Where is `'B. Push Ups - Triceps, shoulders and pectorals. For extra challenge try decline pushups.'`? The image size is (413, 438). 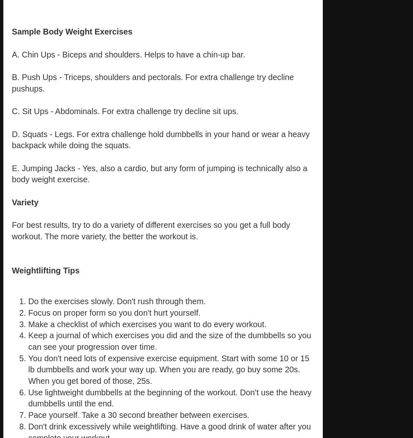 'B. Push Ups - Triceps, shoulders and pectorals. For extra challenge try decline pushups.' is located at coordinates (152, 83).